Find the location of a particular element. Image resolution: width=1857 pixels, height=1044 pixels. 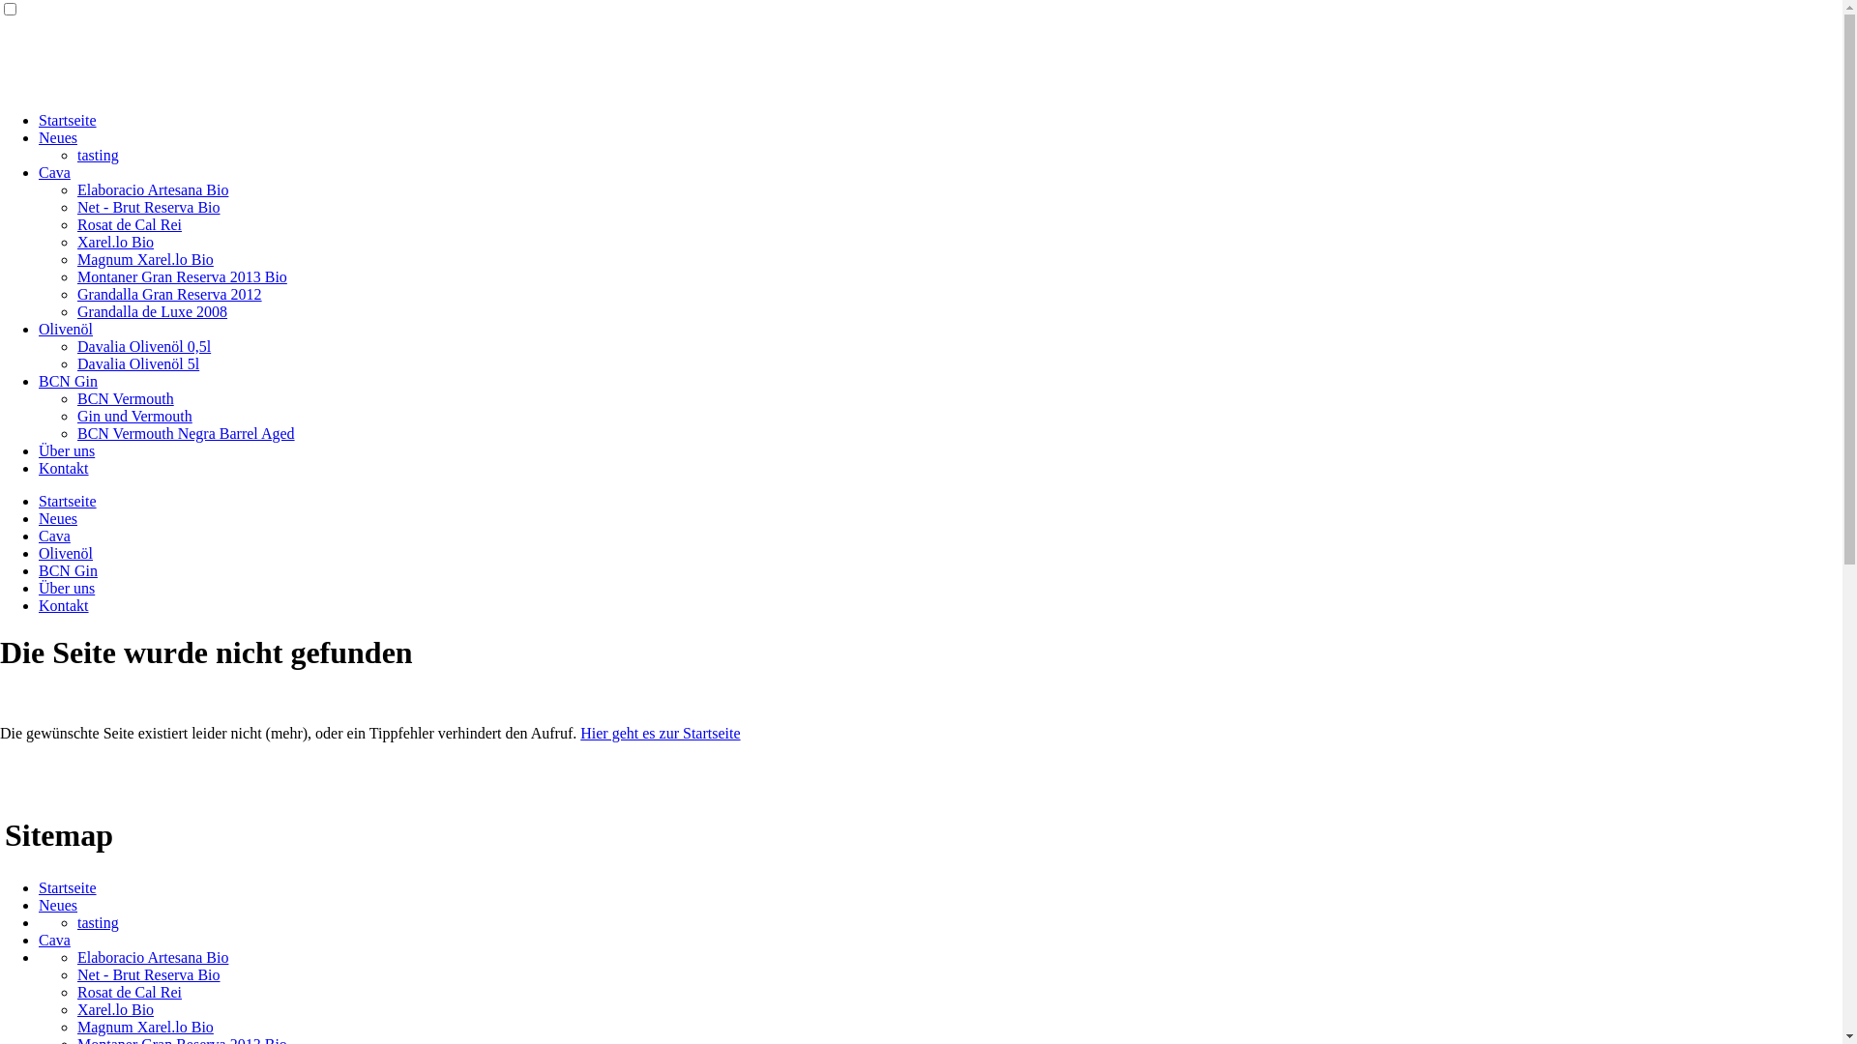

'Rosat de Cal Rei' is located at coordinates (129, 223).